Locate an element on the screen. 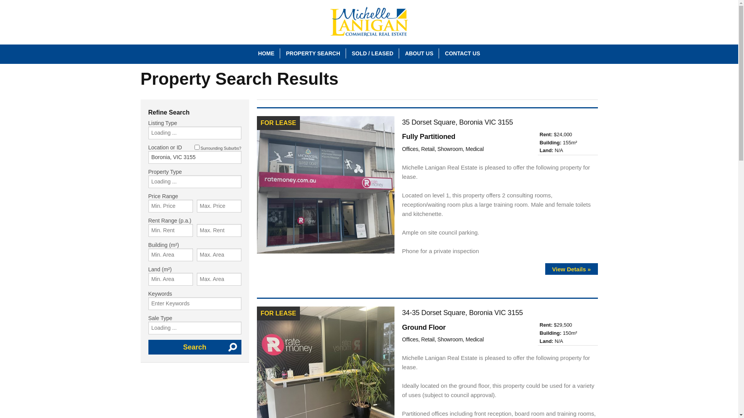 This screenshot has height=418, width=744. 'CONTACT US' is located at coordinates (462, 53).